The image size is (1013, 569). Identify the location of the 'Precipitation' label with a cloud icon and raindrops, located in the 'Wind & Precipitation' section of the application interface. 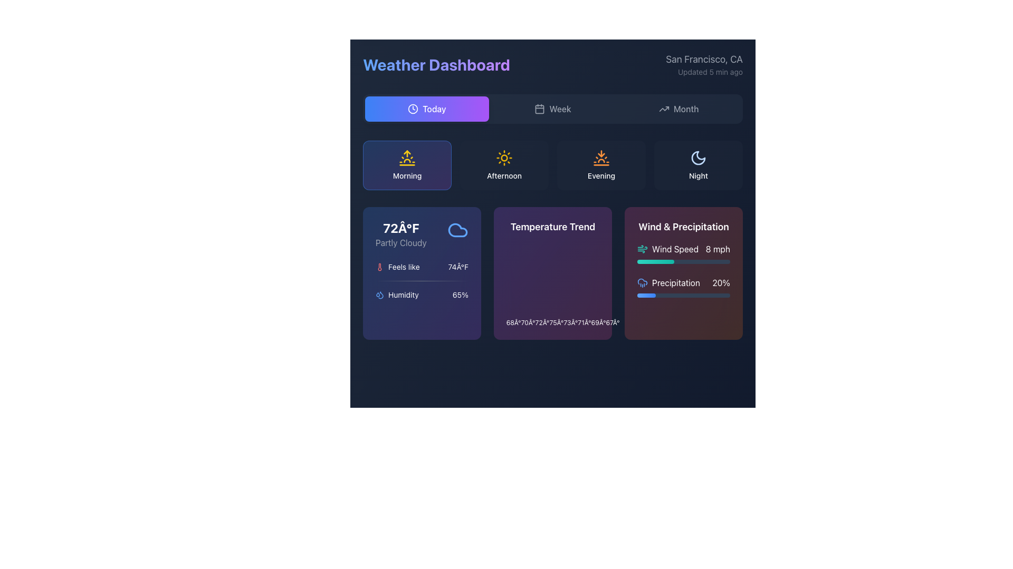
(668, 282).